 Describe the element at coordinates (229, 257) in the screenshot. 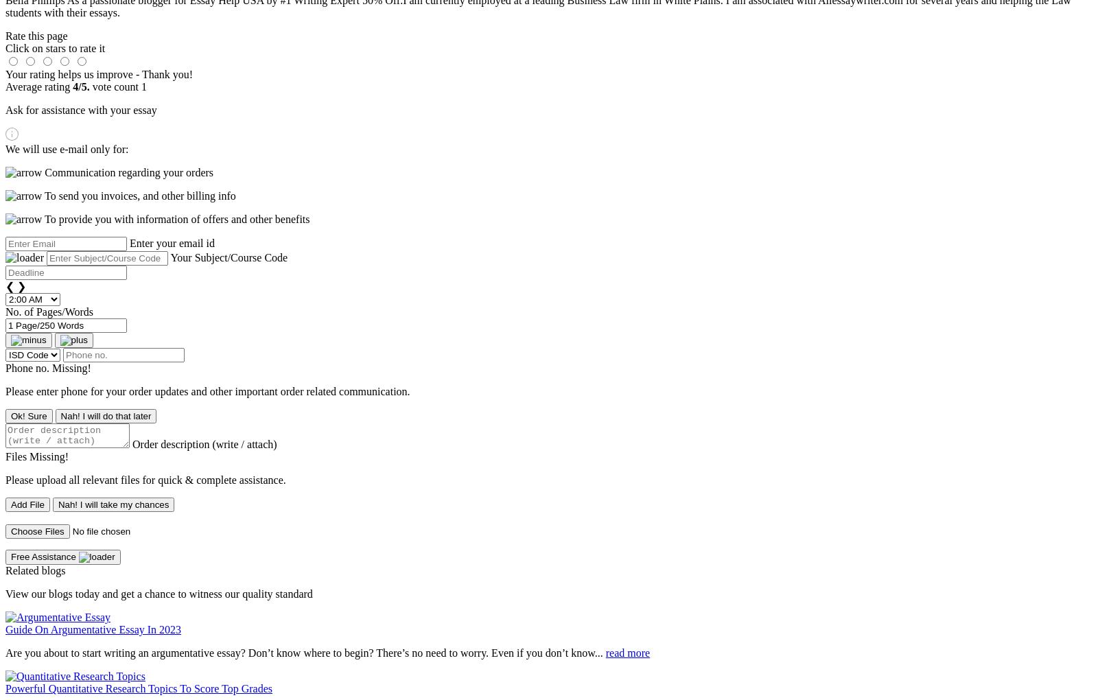

I see `'Your Subject/Course Code'` at that location.